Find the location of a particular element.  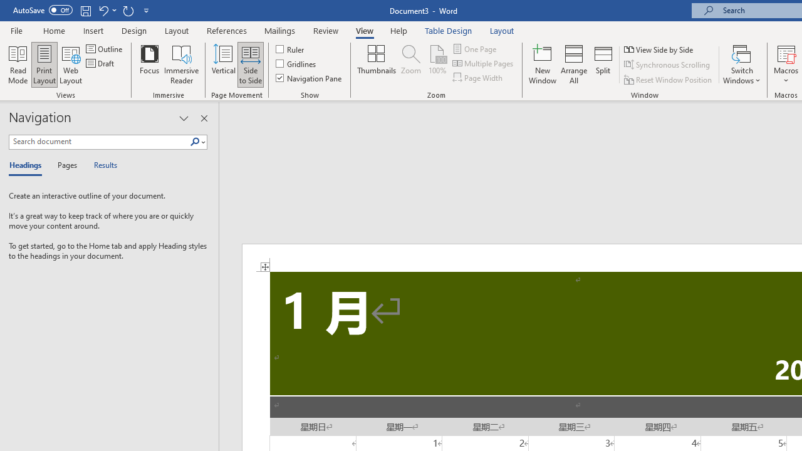

'One Page' is located at coordinates (475, 48).